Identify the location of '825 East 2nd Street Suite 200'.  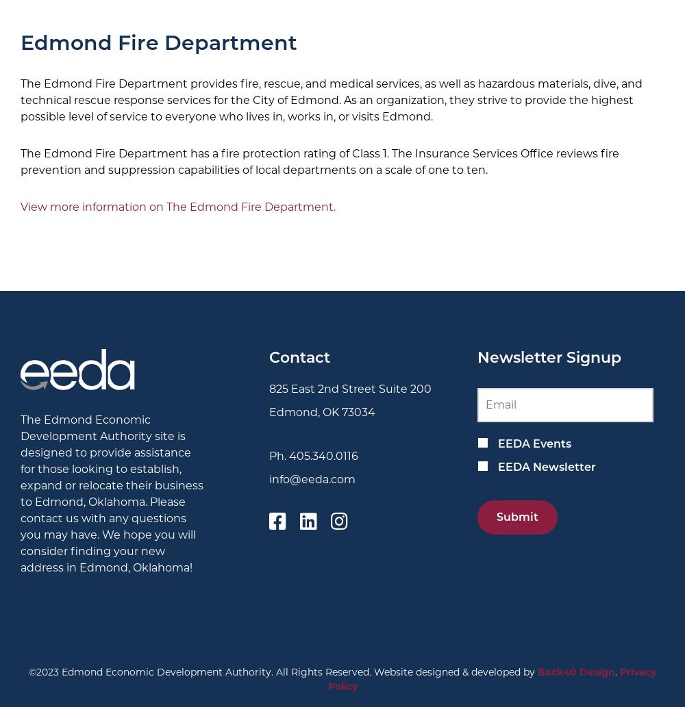
(269, 387).